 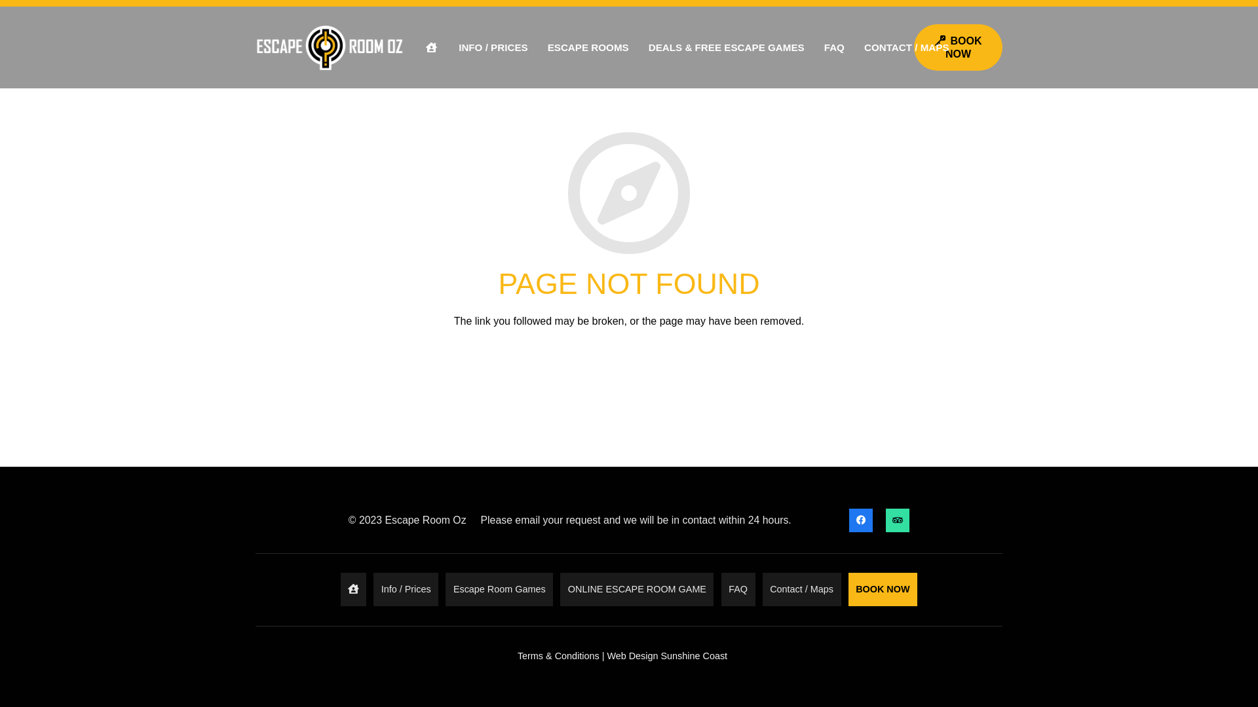 I want to click on 'BOOK NOW', so click(x=913, y=46).